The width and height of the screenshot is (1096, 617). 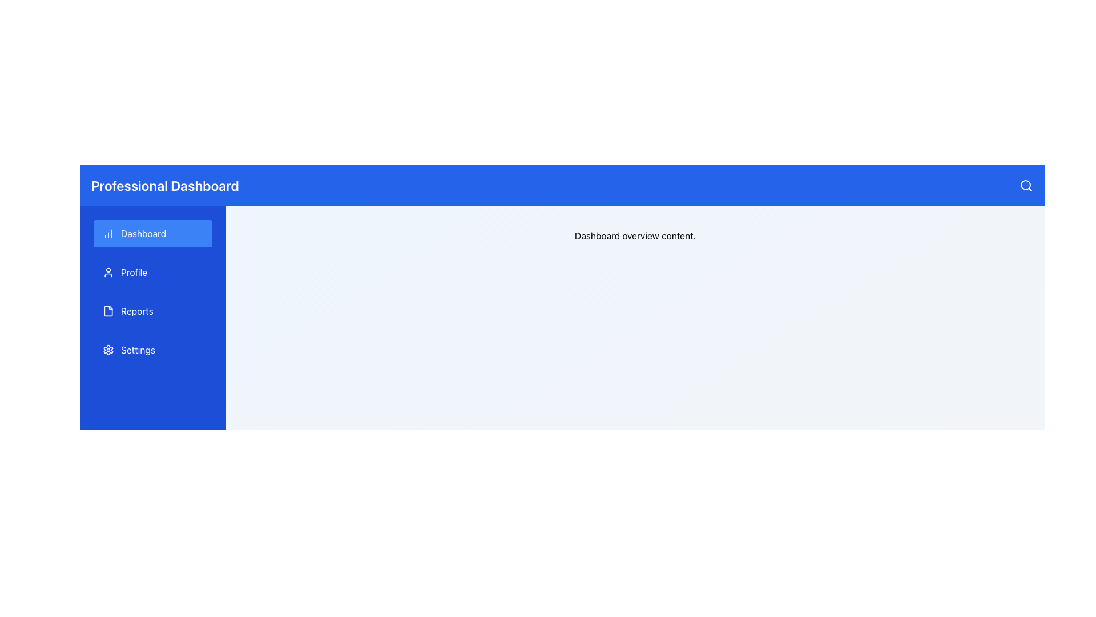 I want to click on the gear-shaped icon on the blue background, so click(x=108, y=350).